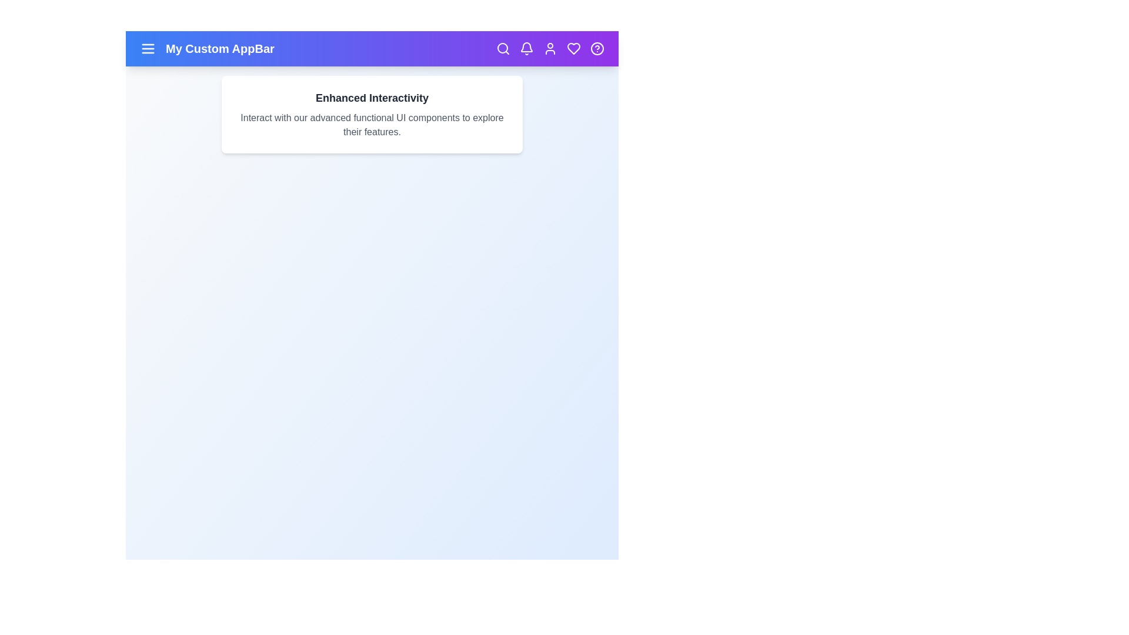  I want to click on the bell icon to open the notifications, so click(526, 48).